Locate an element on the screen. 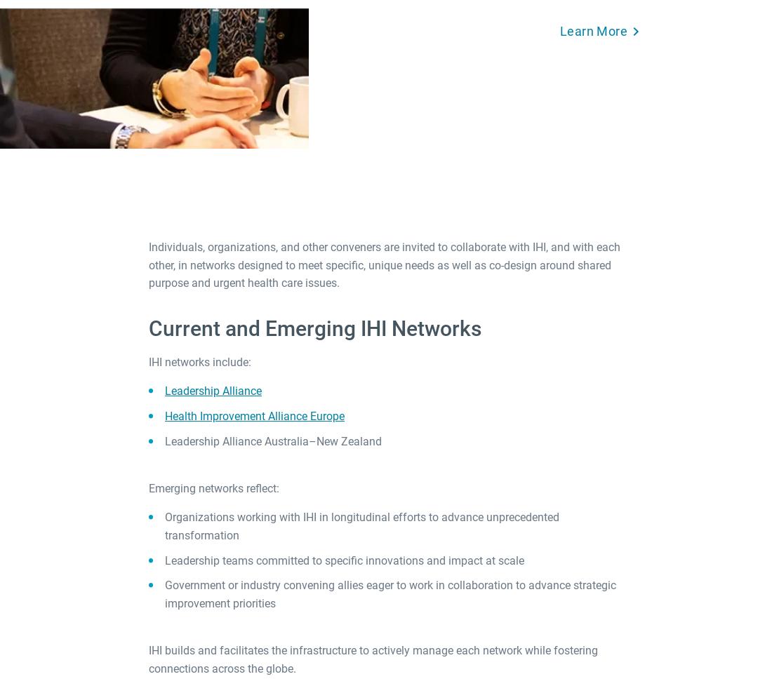 The width and height of the screenshot is (772, 693). 'Leadership Alliance' is located at coordinates (213, 391).